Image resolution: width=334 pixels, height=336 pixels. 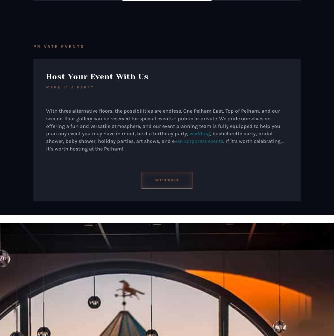 I want to click on ', bachelorette party, bridal shower, baby shower, holiday parties, art shows, and e', so click(x=159, y=137).